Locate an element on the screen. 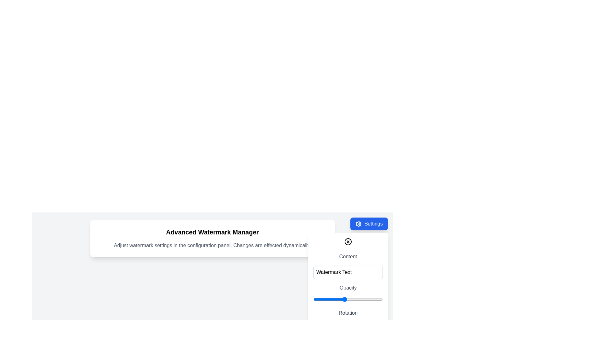  the rectangular text input box with rounded corners and a light gray border, which contains the default text 'Watermark Text', to focus it is located at coordinates (348, 272).